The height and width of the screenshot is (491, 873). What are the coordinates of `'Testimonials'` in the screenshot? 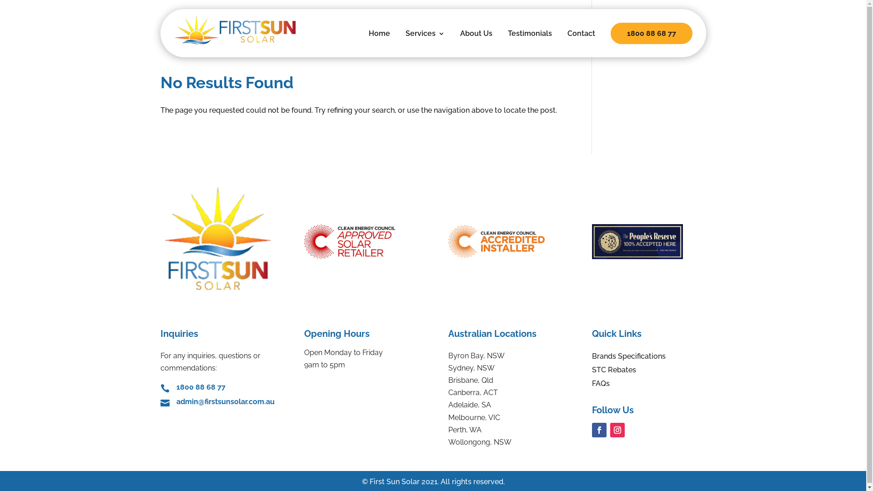 It's located at (529, 40).